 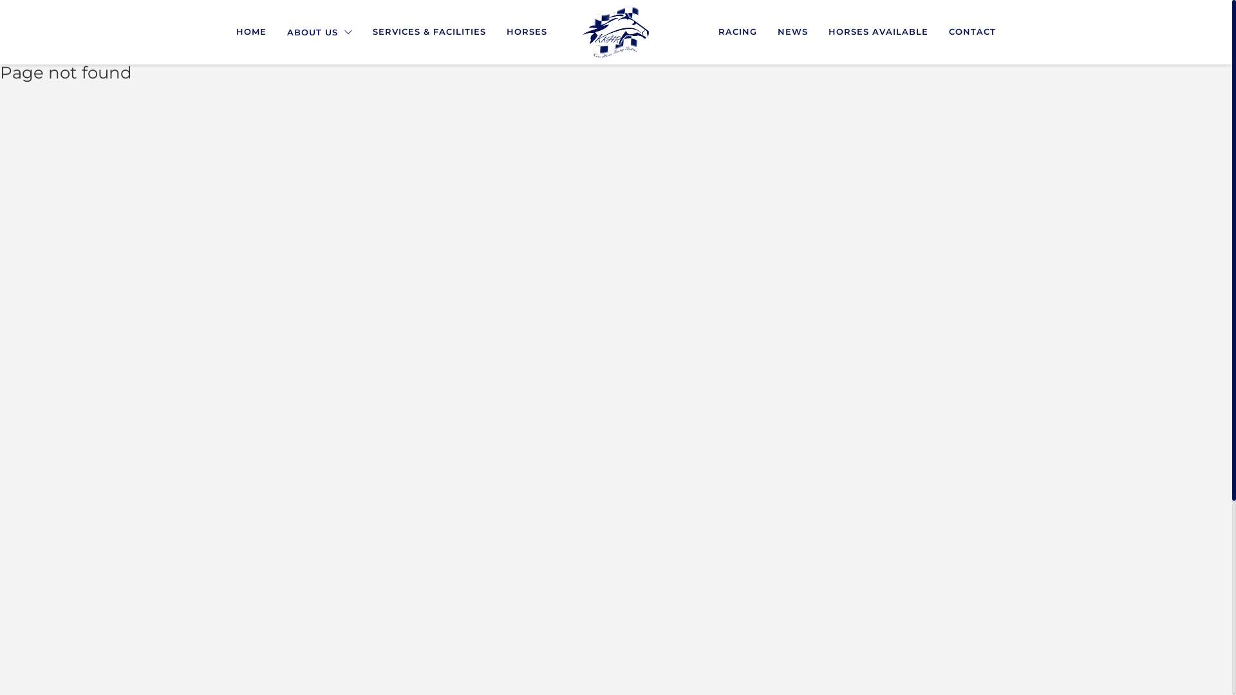 What do you see at coordinates (738, 31) in the screenshot?
I see `'RACING'` at bounding box center [738, 31].